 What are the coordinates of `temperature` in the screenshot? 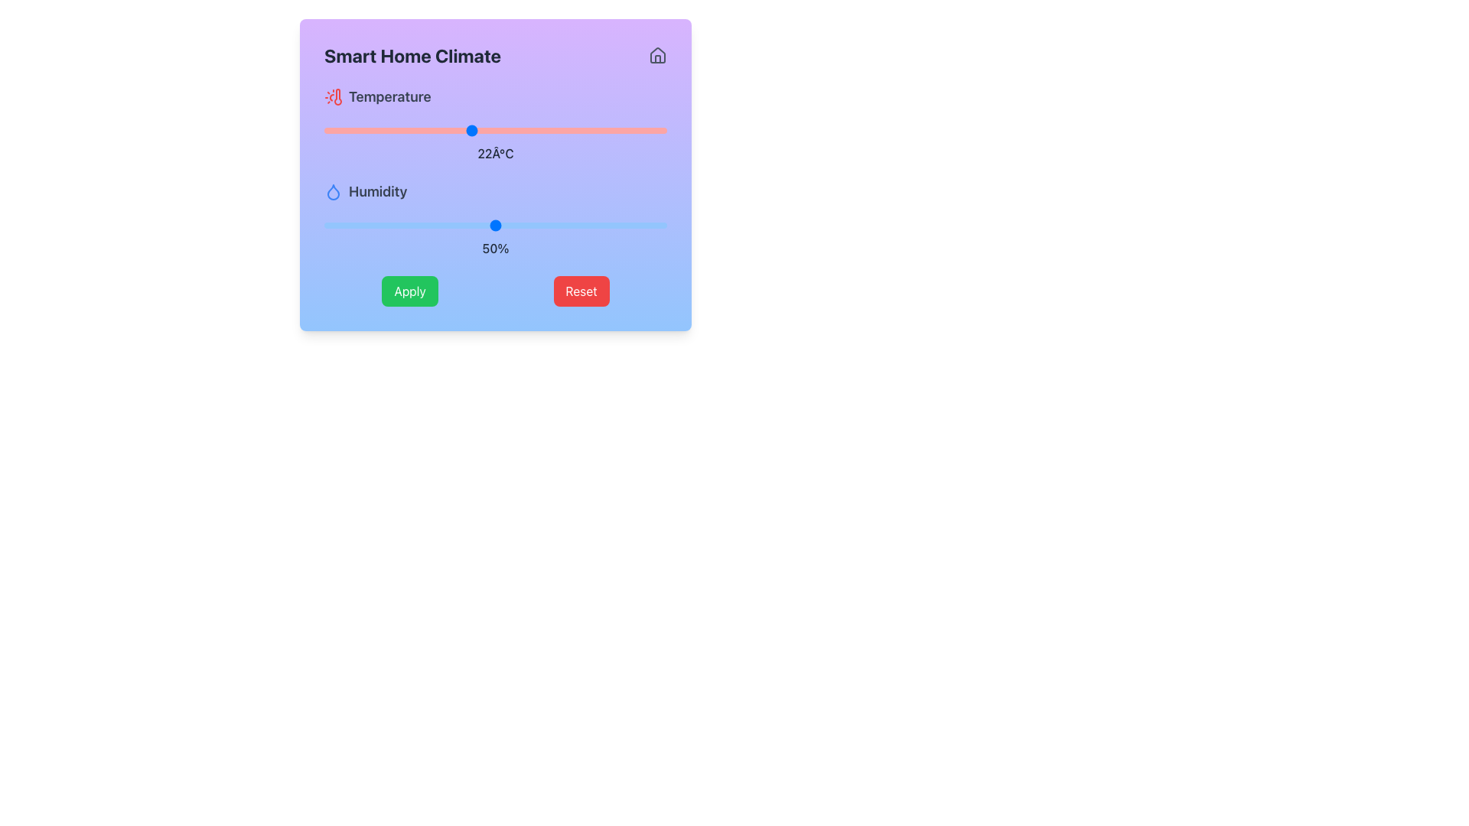 It's located at (323, 129).